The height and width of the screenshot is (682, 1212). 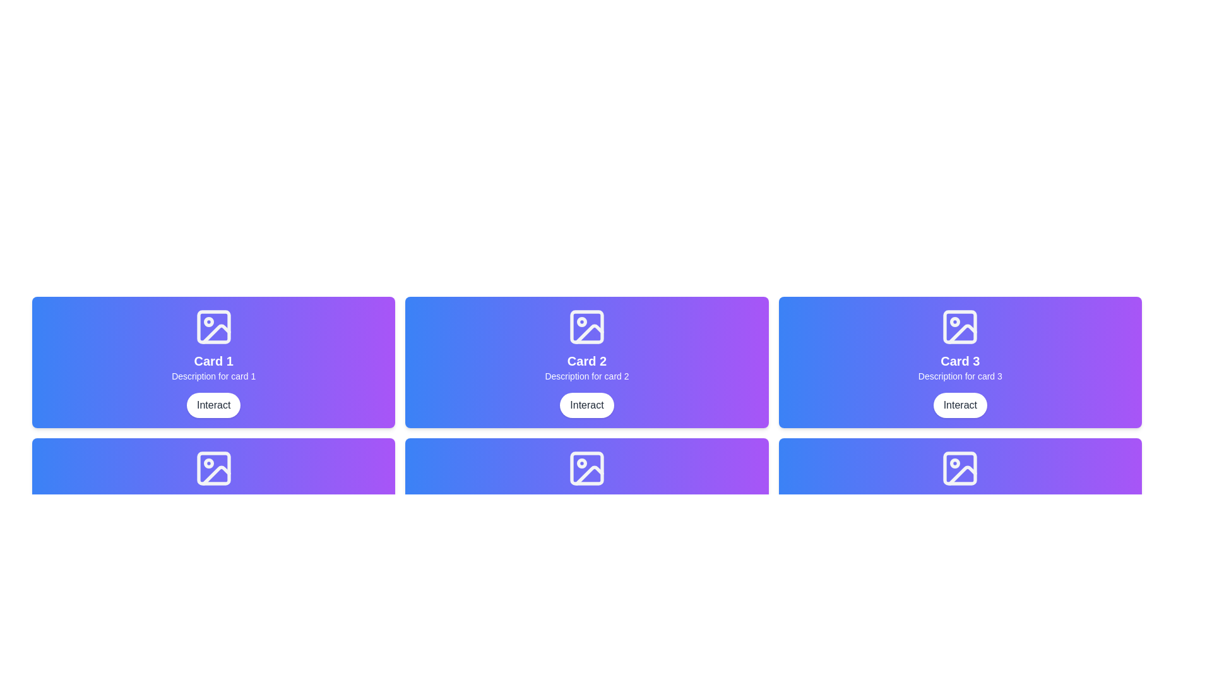 I want to click on the descriptive text label positioned within the second card (Card 2), located beneath the title 'Card 2' and above the 'Interact' button, so click(x=586, y=376).